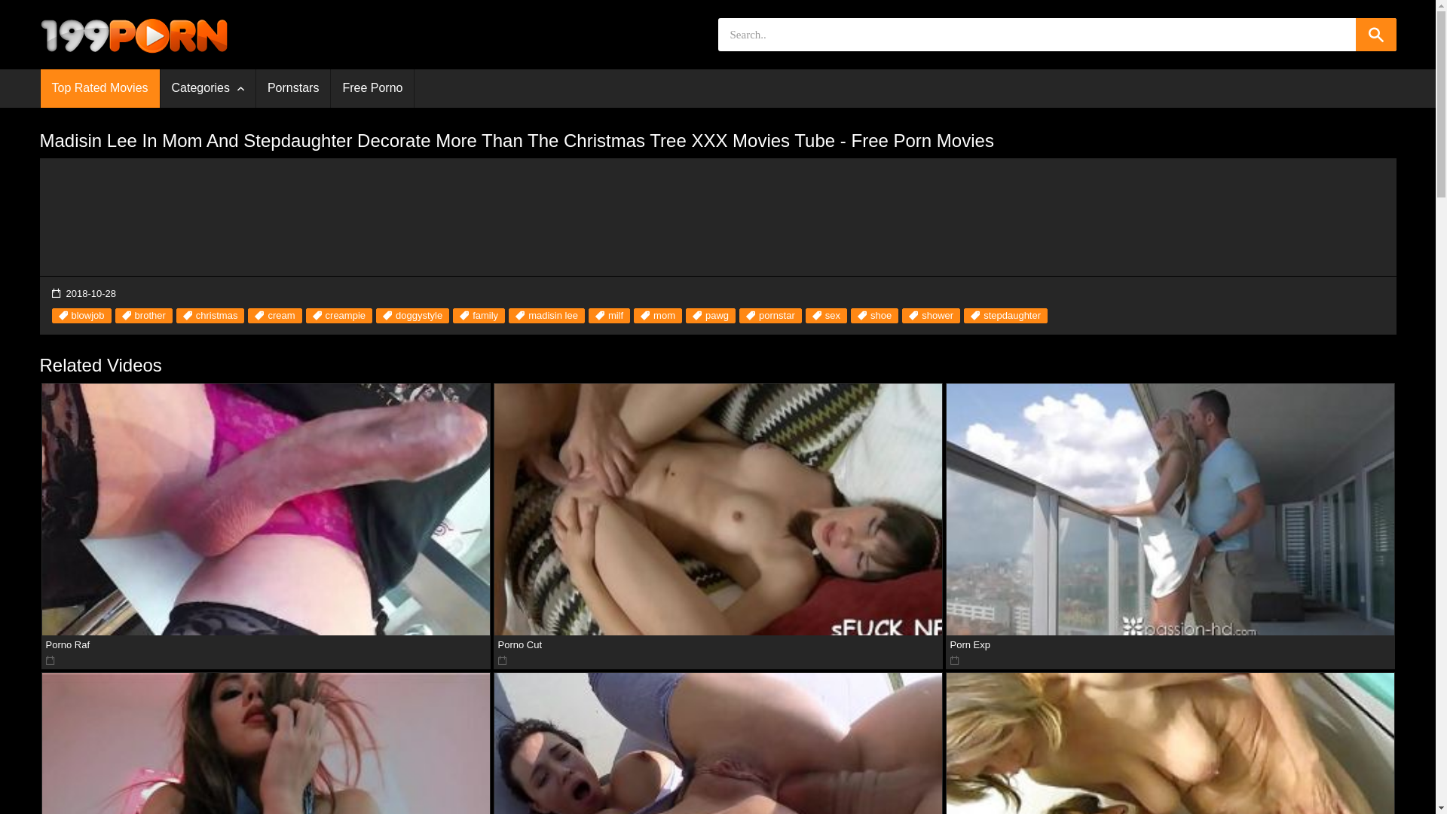  I want to click on 'Porno Cut', so click(494, 509).